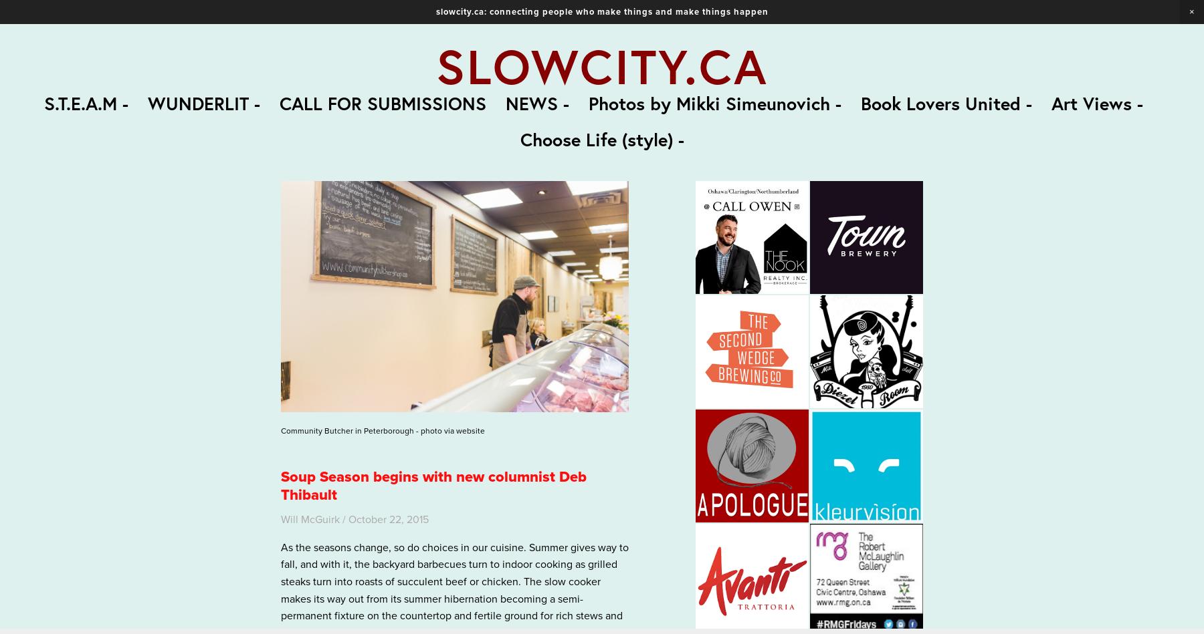  What do you see at coordinates (601, 11) in the screenshot?
I see `'slowcity.ca: connecting people who make things and make things happen'` at bounding box center [601, 11].